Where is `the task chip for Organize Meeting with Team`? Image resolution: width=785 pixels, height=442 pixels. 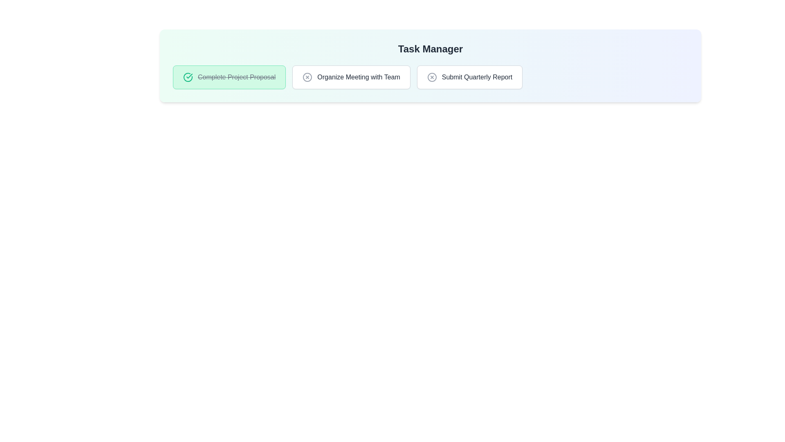
the task chip for Organize Meeting with Team is located at coordinates (351, 77).